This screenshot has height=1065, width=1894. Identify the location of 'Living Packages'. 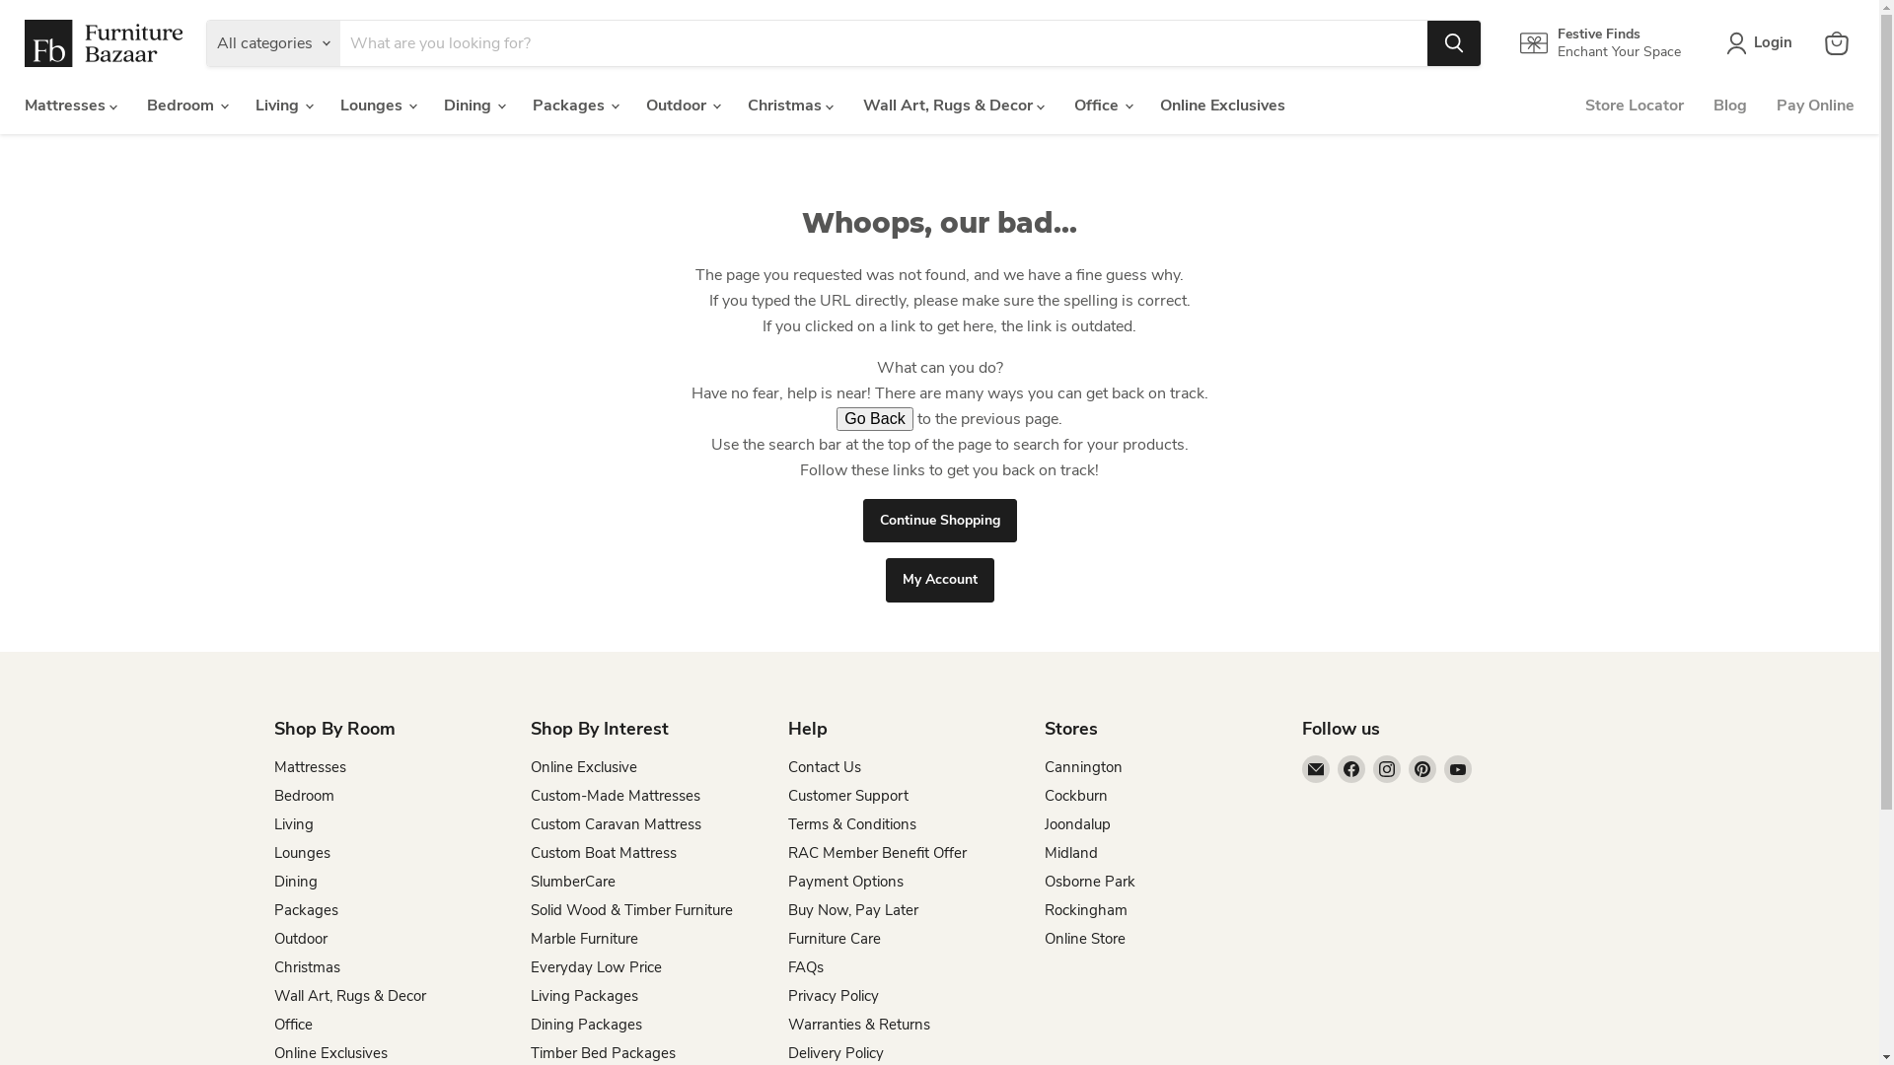
(583, 996).